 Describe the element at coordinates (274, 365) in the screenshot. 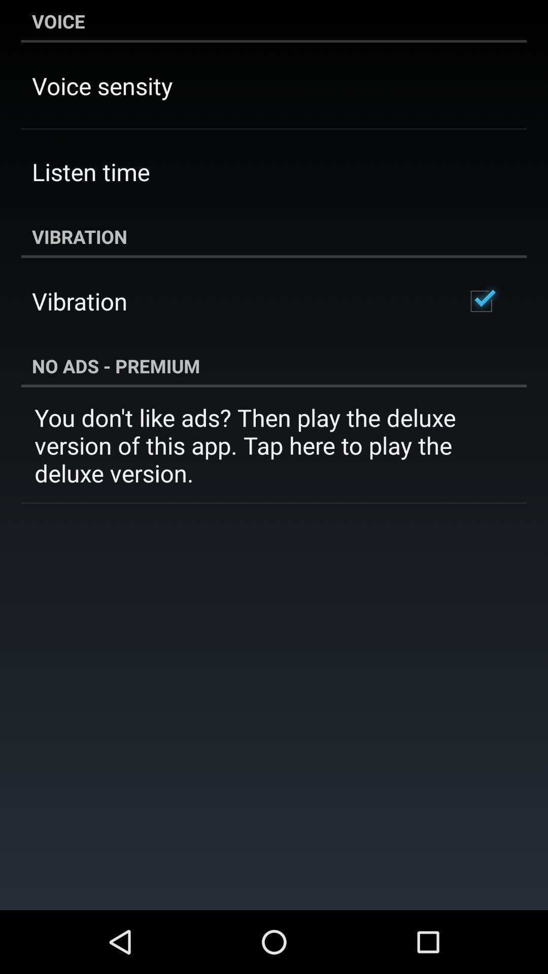

I see `no ads - premium` at that location.